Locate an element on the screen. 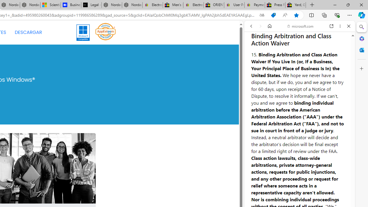  'Shopping in Microsoft Edge' is located at coordinates (273, 15).